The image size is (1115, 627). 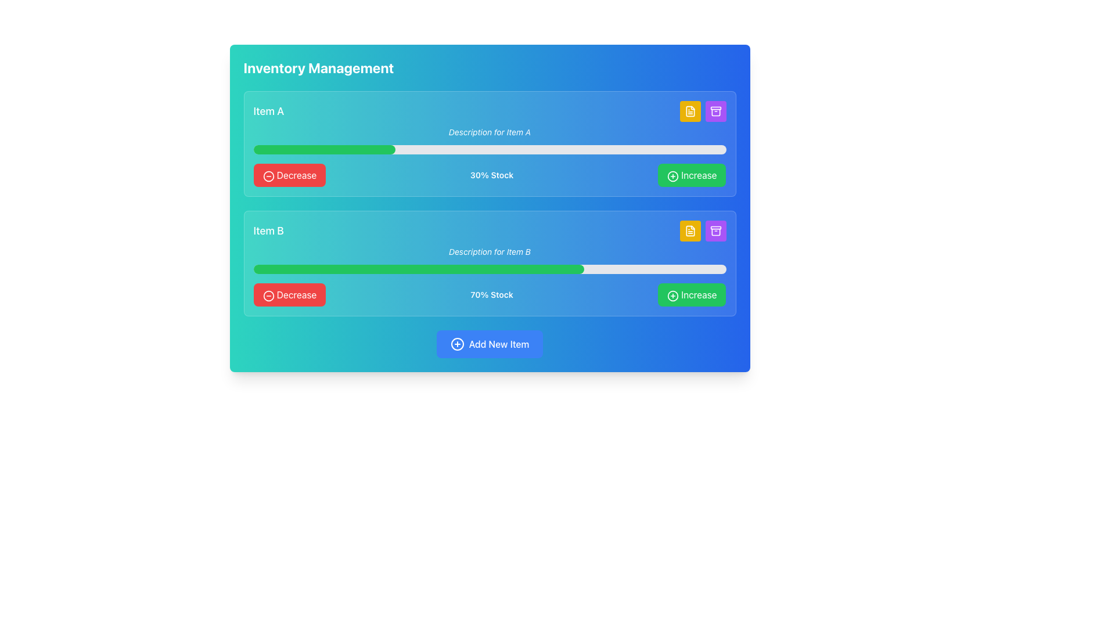 I want to click on the purple archive box icon located in the top-right section of the interface, so click(x=715, y=111).